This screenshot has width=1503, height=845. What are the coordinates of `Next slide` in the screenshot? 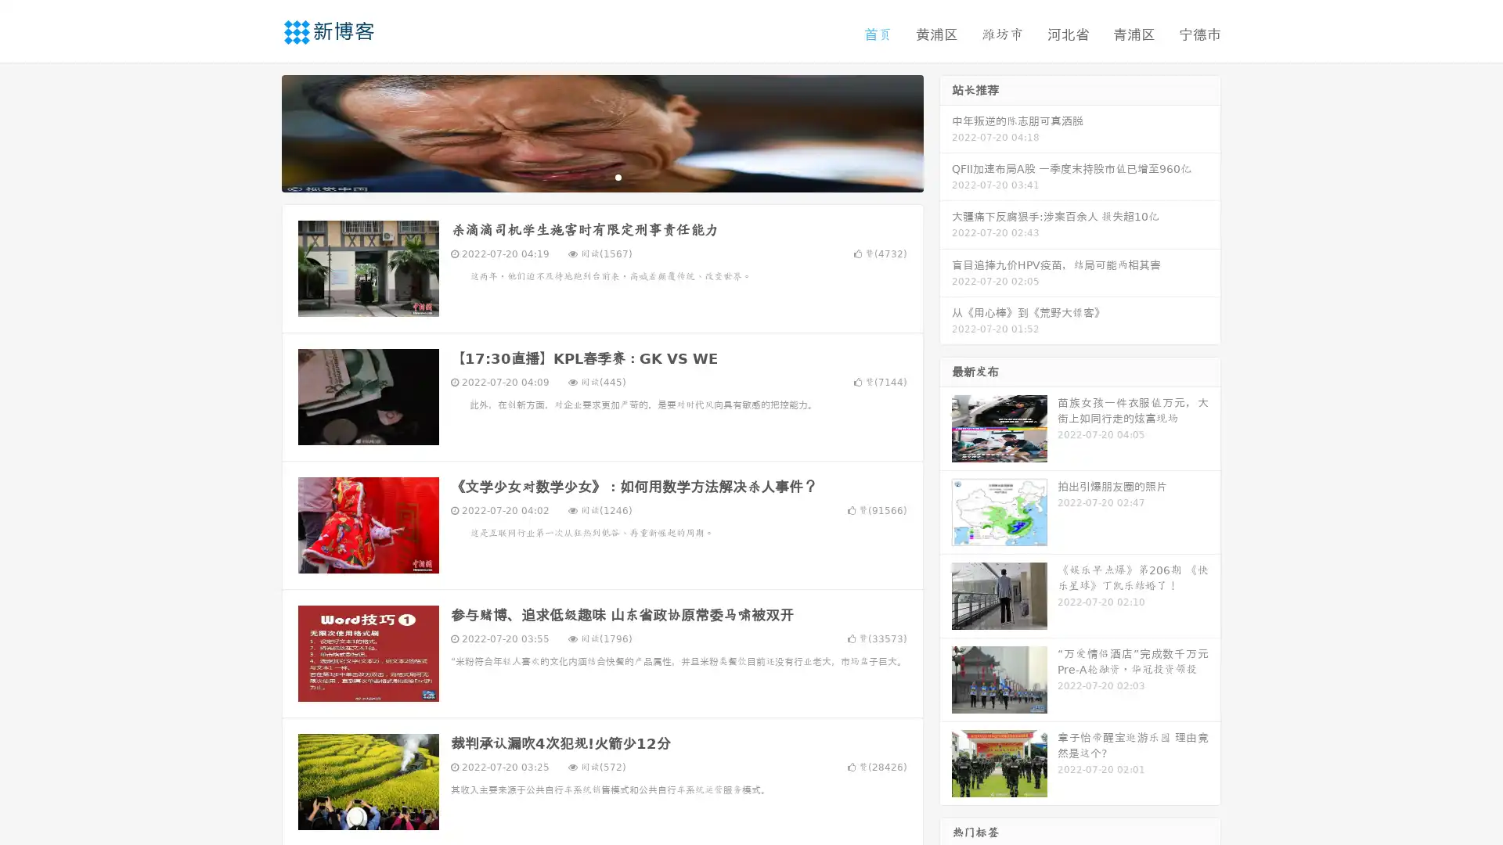 It's located at (946, 131).